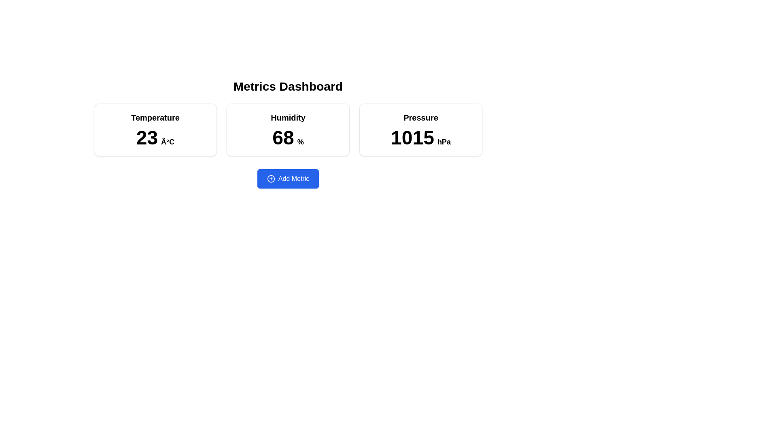 This screenshot has width=777, height=437. What do you see at coordinates (288, 129) in the screenshot?
I see `the humidity metric card, which is the second card from the left in the three-card layout under 'Metrics Dashboard'` at bounding box center [288, 129].